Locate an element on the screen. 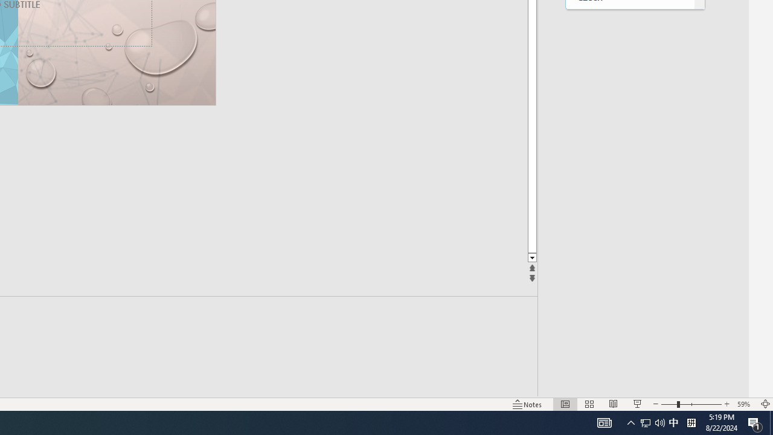  'Zoom 59%' is located at coordinates (745, 404).